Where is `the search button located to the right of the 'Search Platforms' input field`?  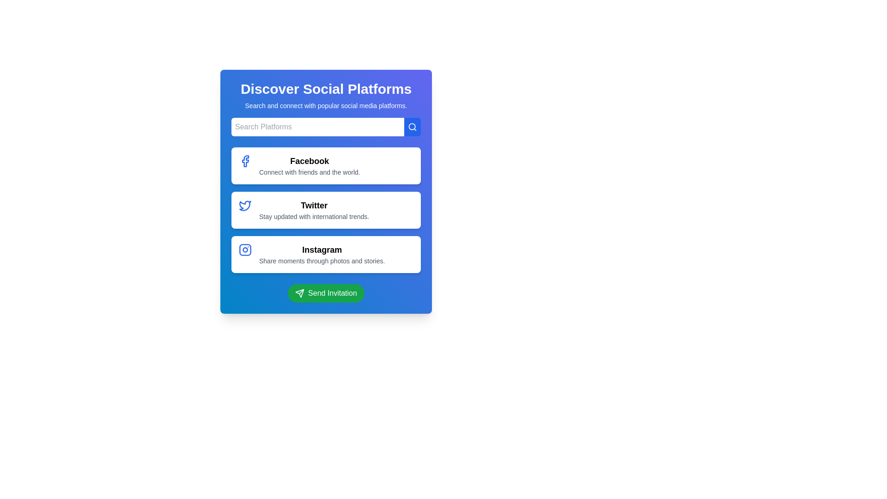
the search button located to the right of the 'Search Platforms' input field is located at coordinates (412, 127).